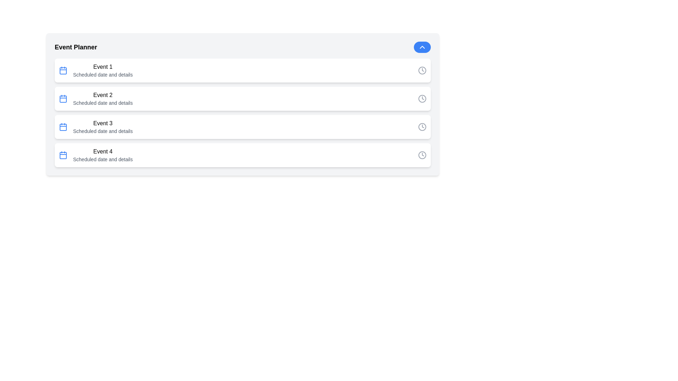  What do you see at coordinates (243, 99) in the screenshot?
I see `the List item element titled 'Event 2'` at bounding box center [243, 99].